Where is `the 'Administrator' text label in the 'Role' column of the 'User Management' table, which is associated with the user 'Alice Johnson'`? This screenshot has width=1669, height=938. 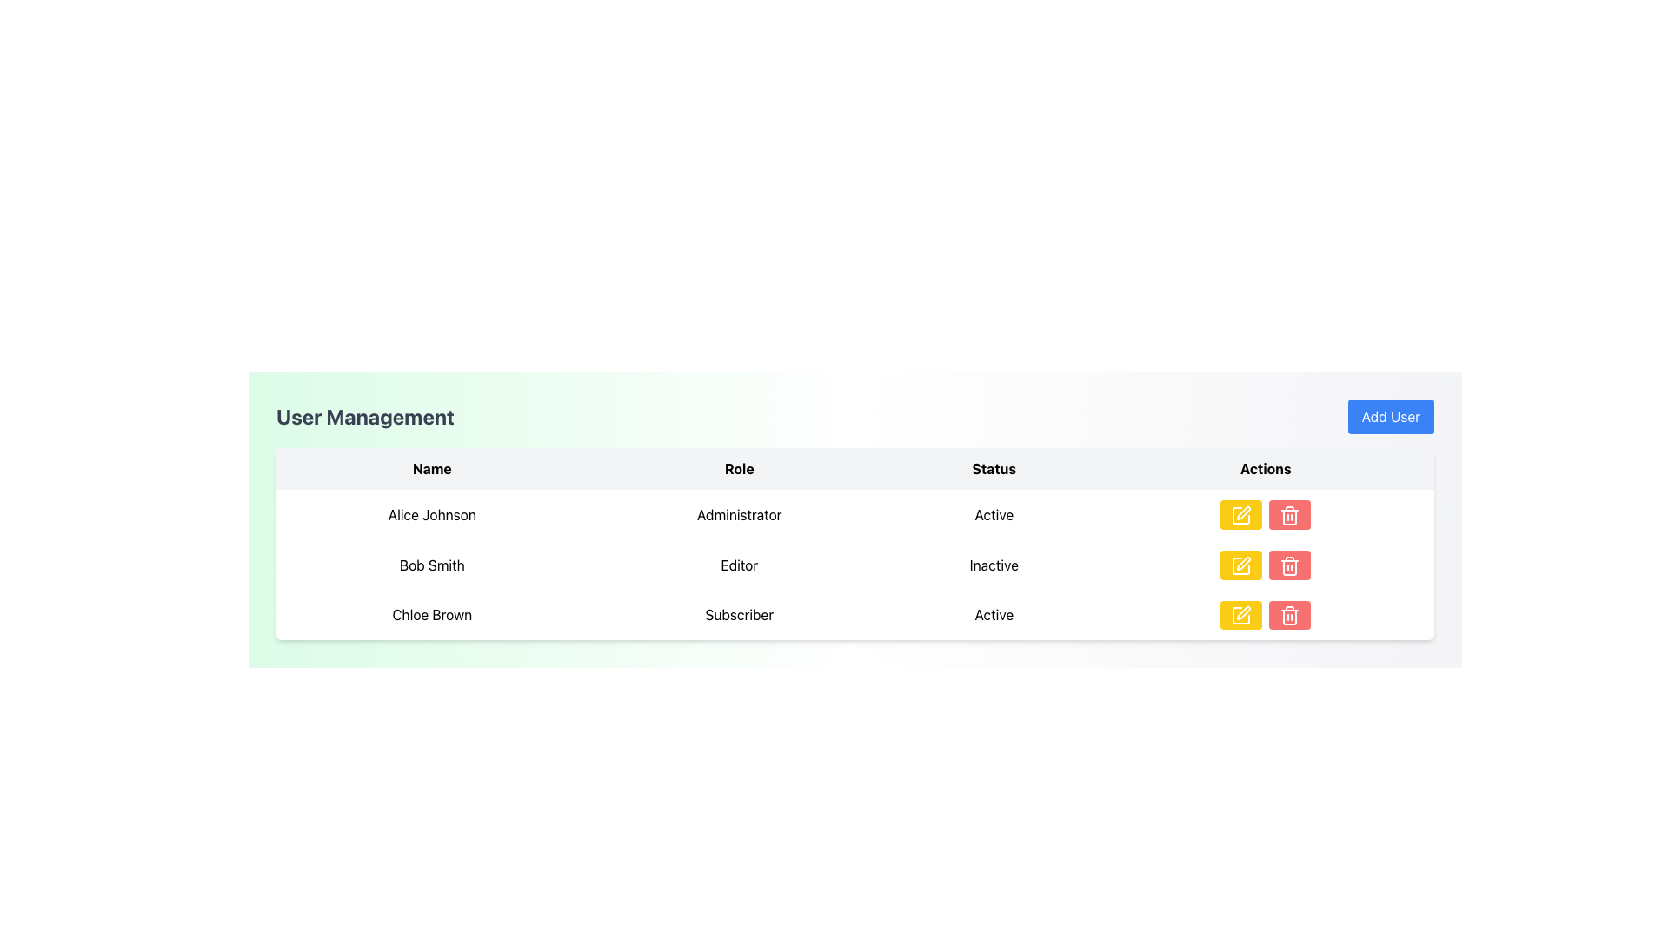 the 'Administrator' text label in the 'Role' column of the 'User Management' table, which is associated with the user 'Alice Johnson' is located at coordinates (739, 513).